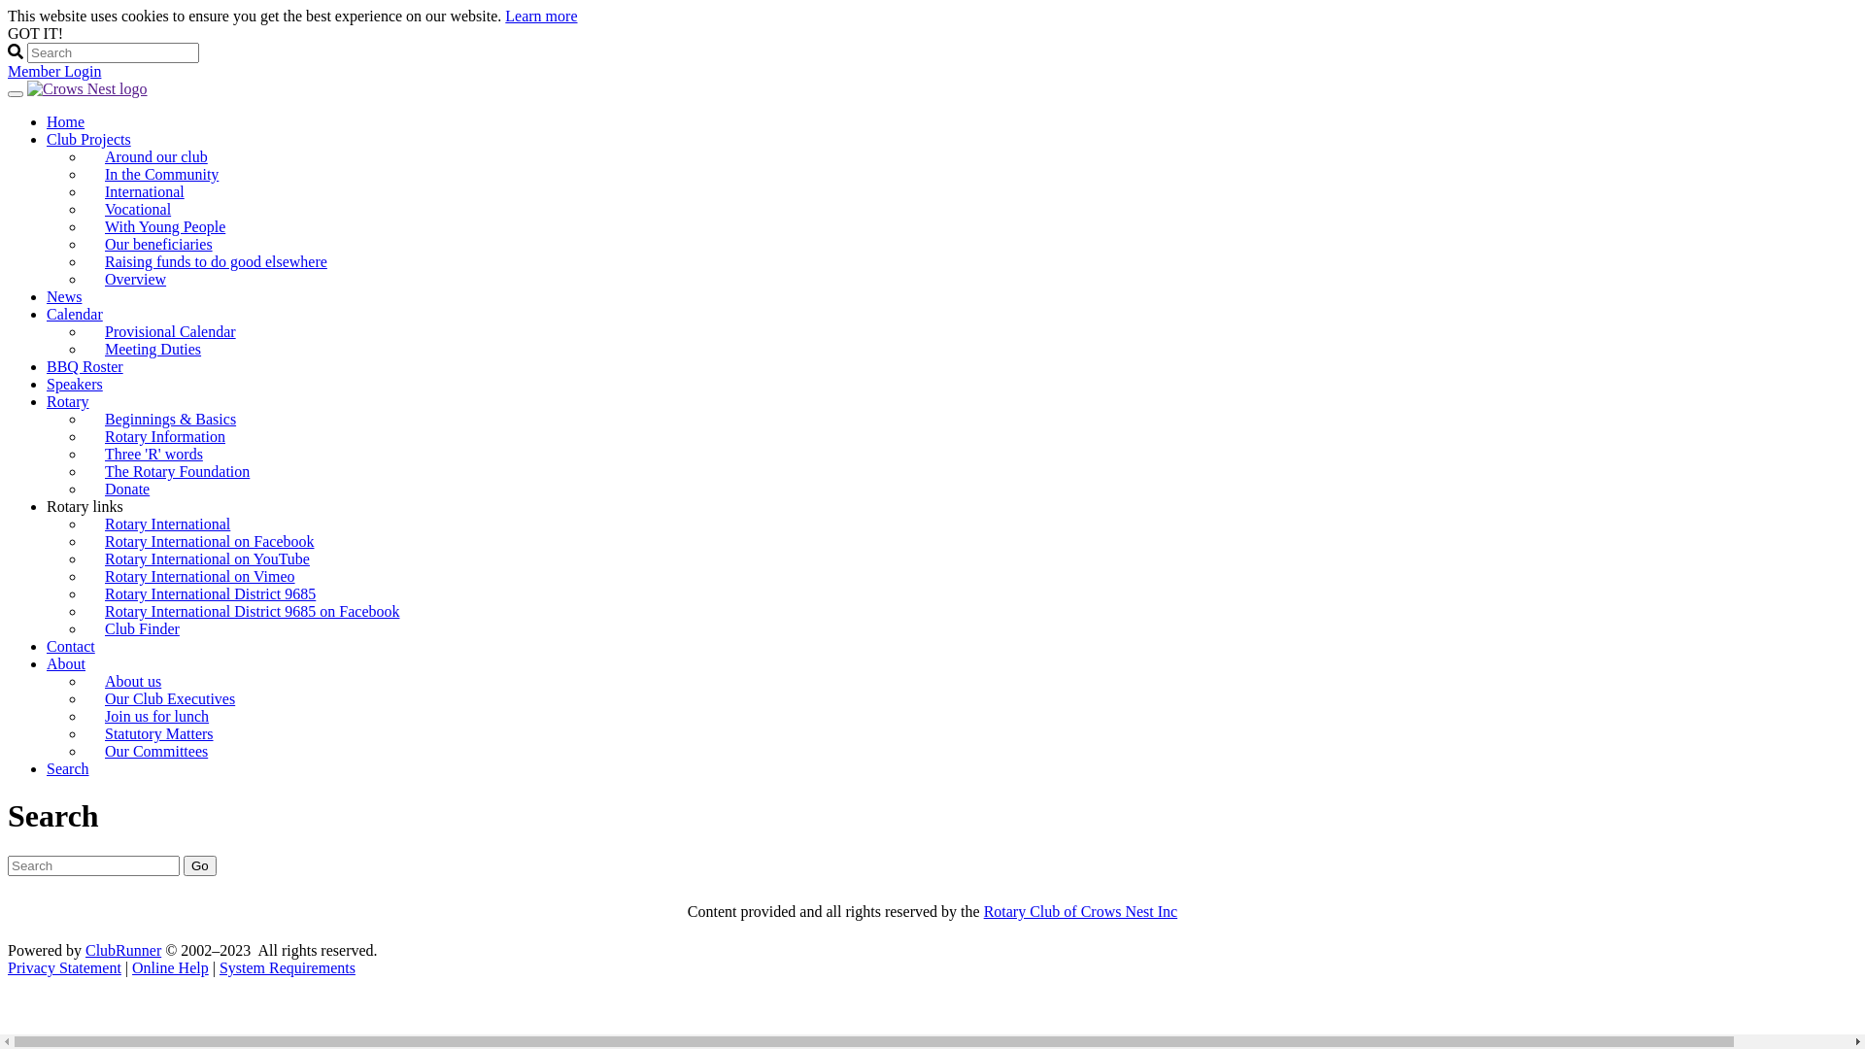 The height and width of the screenshot is (1049, 1865). I want to click on 'Rotary International District 9685 on Facebook', so click(251, 610).